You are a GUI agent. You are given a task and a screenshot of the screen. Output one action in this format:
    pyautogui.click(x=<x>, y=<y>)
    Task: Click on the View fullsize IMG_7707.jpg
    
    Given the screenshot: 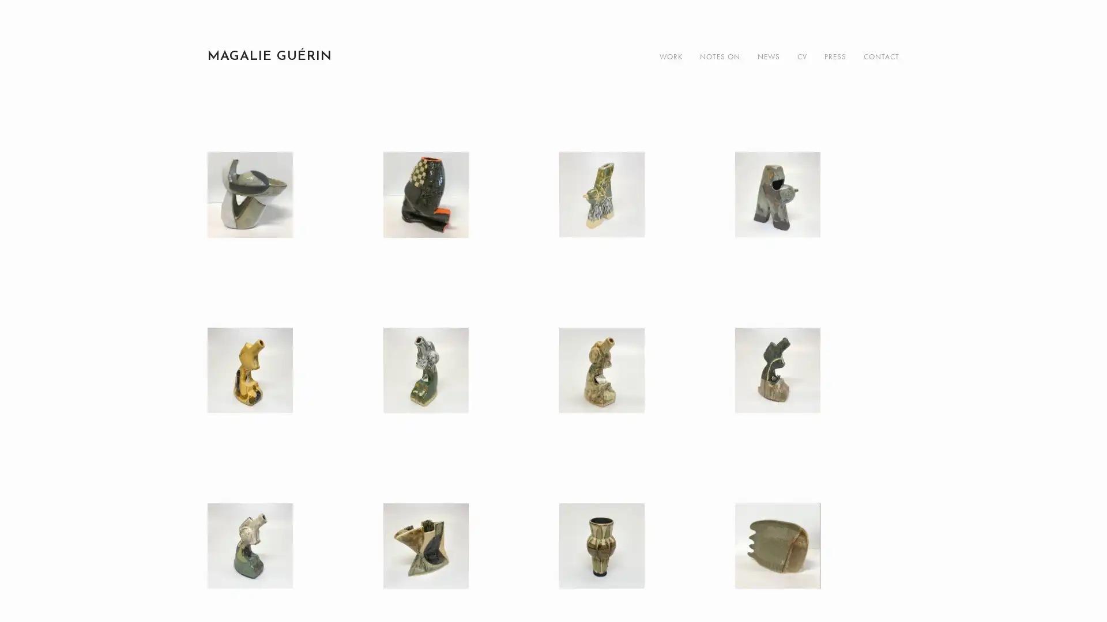 What is the action you would take?
    pyautogui.click(x=641, y=233)
    